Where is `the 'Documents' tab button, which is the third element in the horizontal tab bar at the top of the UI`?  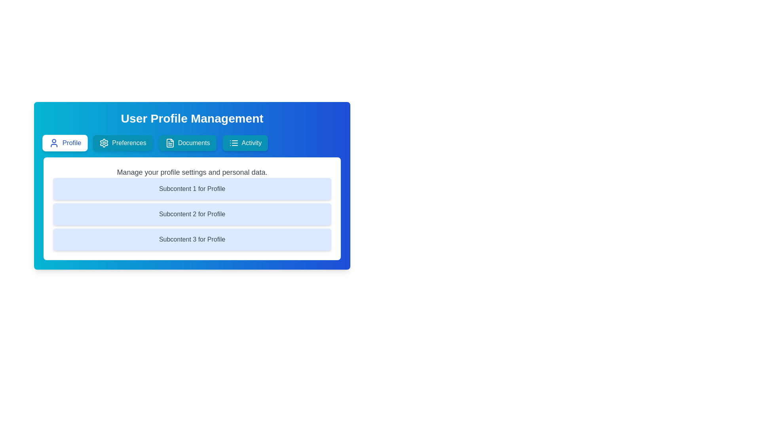
the 'Documents' tab button, which is the third element in the horizontal tab bar at the top of the UI is located at coordinates (187, 143).